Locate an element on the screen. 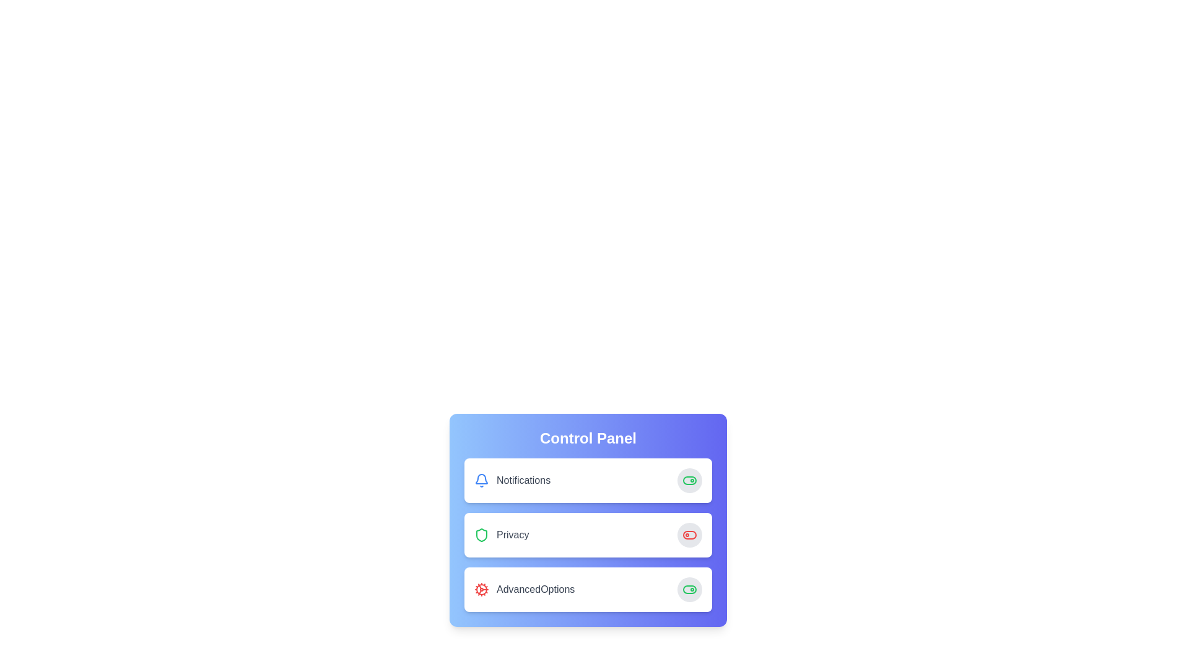 The width and height of the screenshot is (1189, 669). the text label located in the second row of the control panel interface, which indicates the category or type of setting being displayed, positioned to the right of a green shield icon is located at coordinates (513, 535).